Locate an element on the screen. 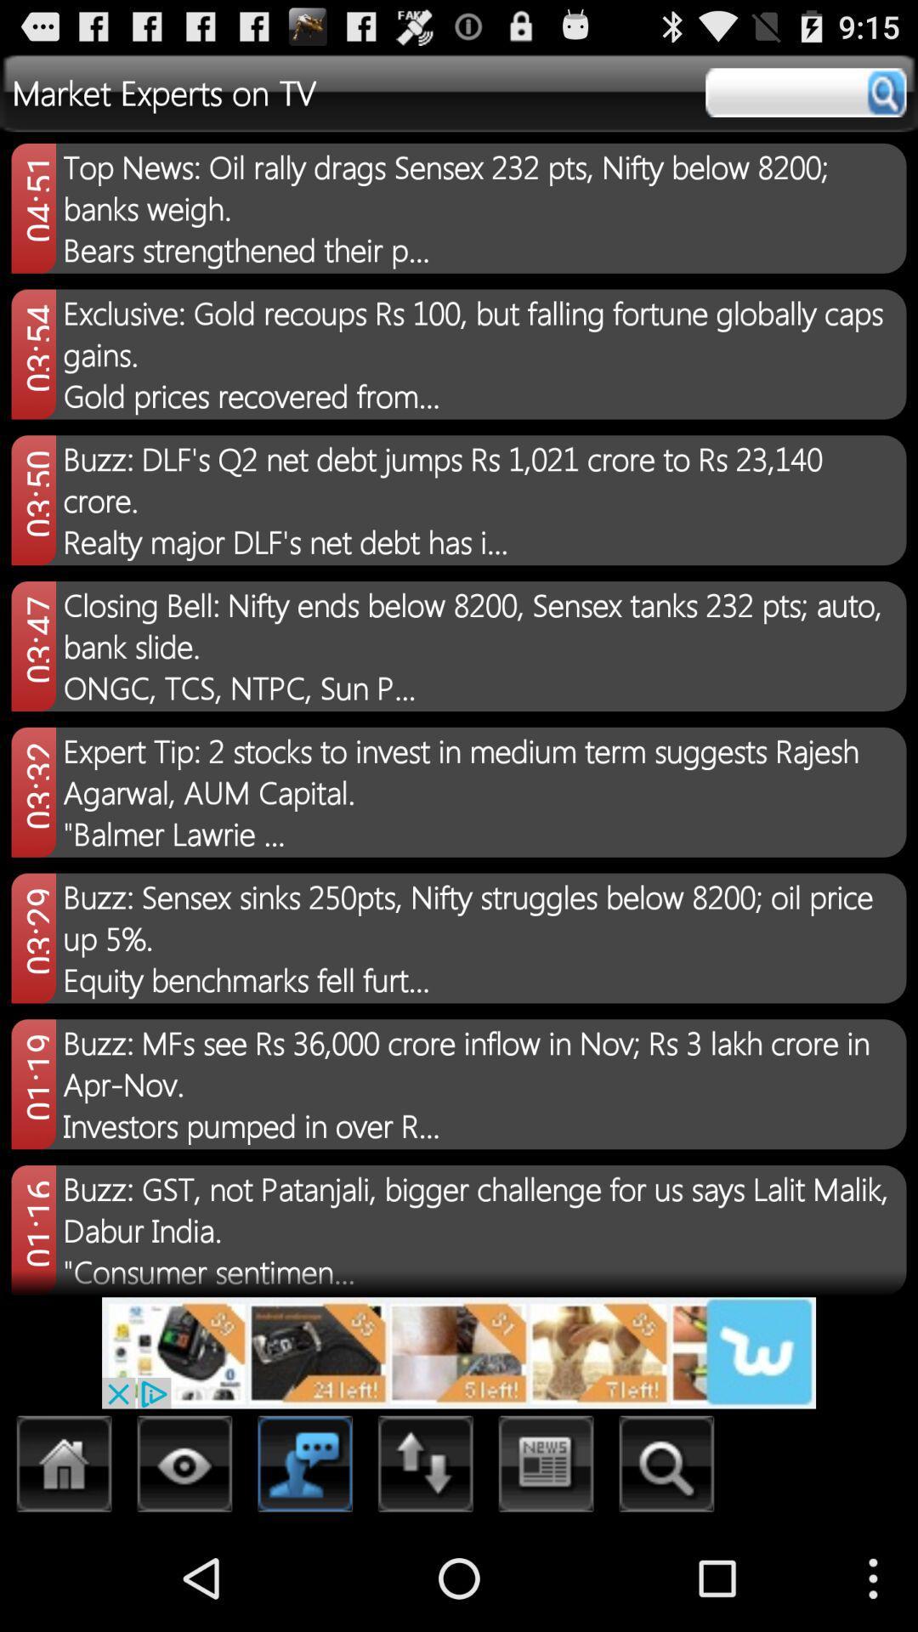  contain is located at coordinates (304, 1468).